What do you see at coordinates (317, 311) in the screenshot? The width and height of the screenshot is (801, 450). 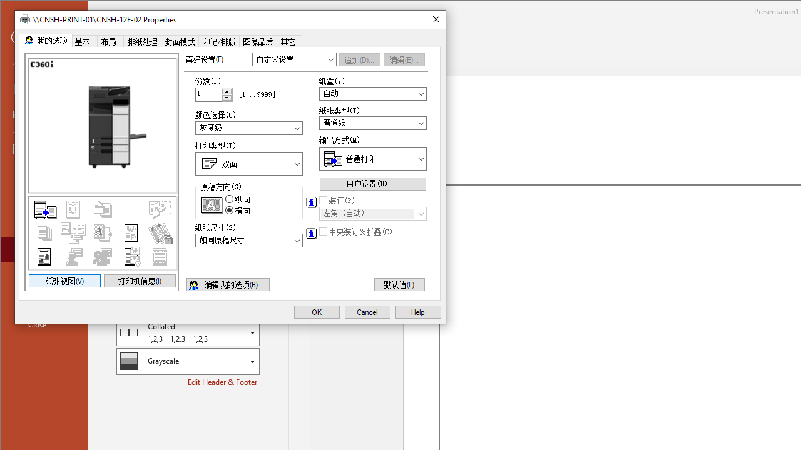 I see `'OK'` at bounding box center [317, 311].